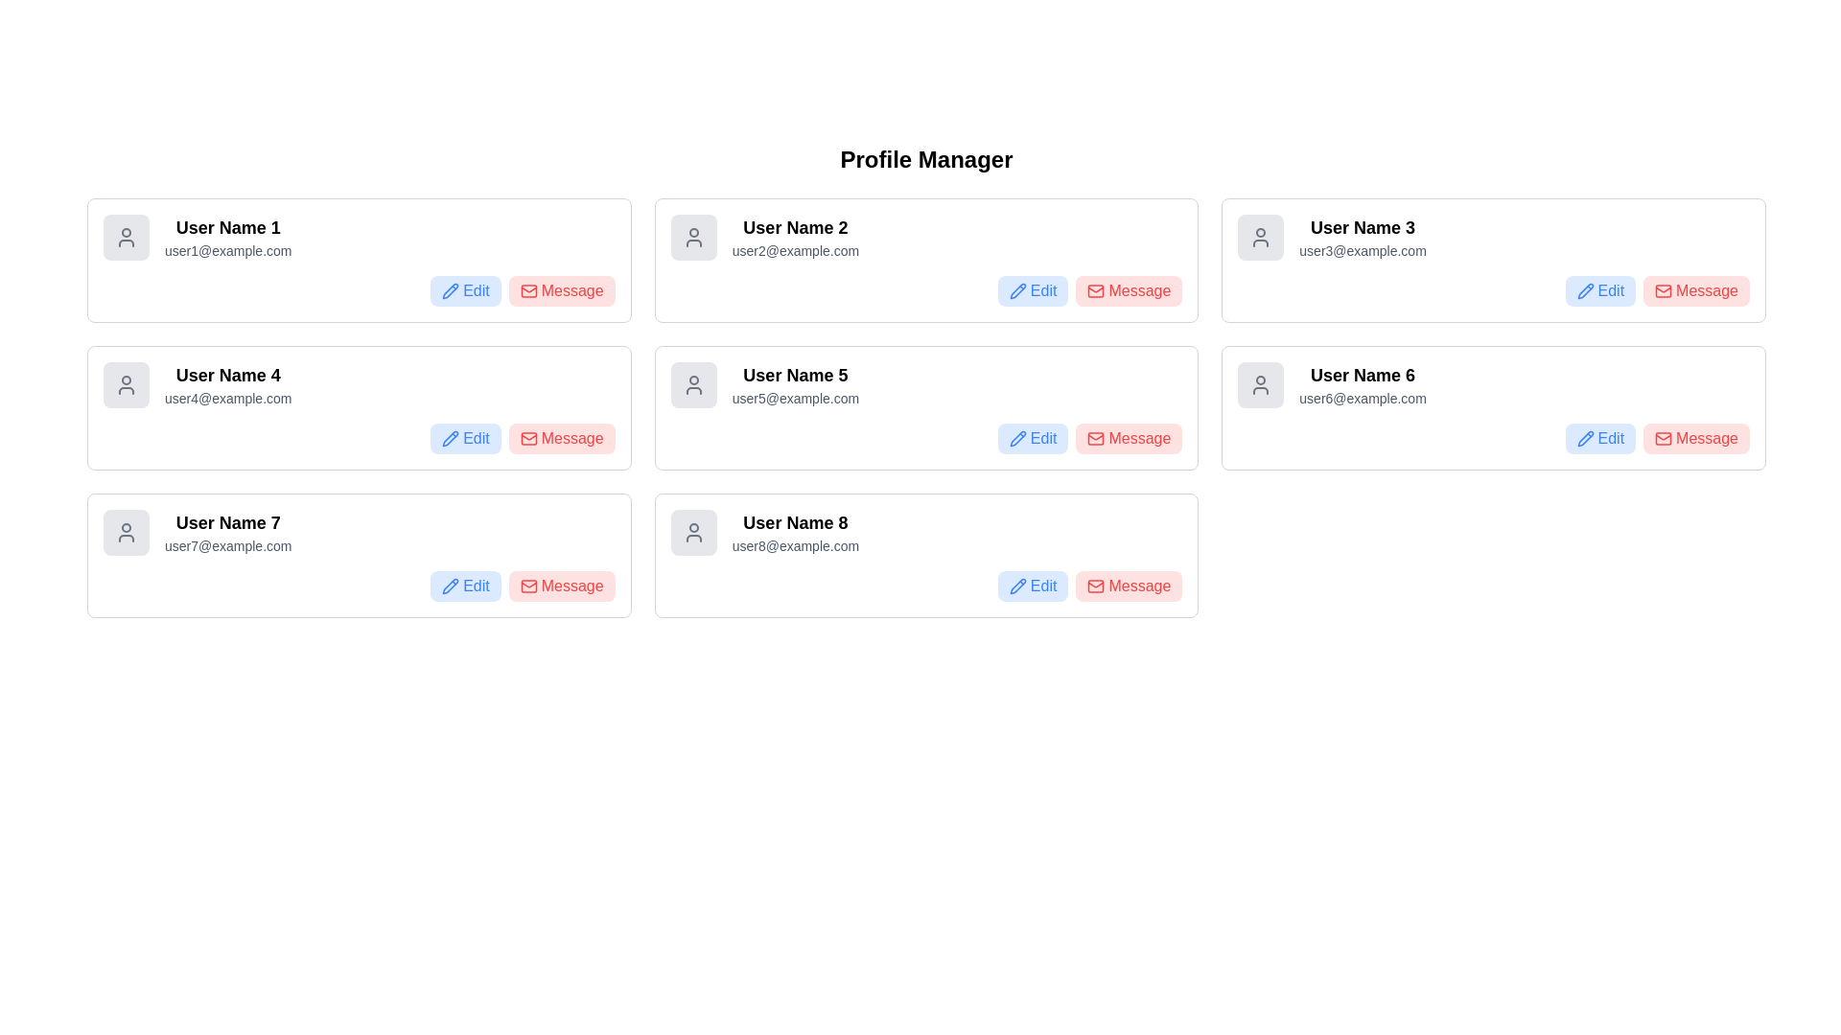 The width and height of the screenshot is (1841, 1035). Describe the element at coordinates (571, 586) in the screenshot. I see `the button to initiate messaging functionality for the user 'User Name 7', located in the profile card to the right of the 'Edit' button` at that location.